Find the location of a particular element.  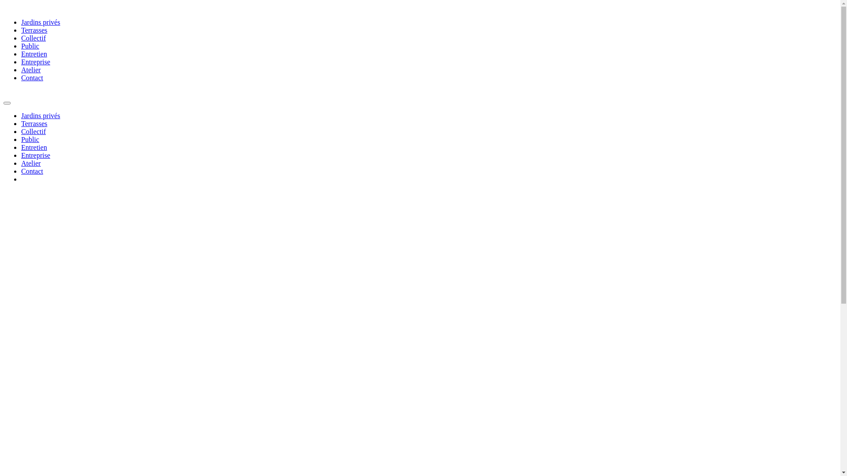

'Entretien' is located at coordinates (34, 147).